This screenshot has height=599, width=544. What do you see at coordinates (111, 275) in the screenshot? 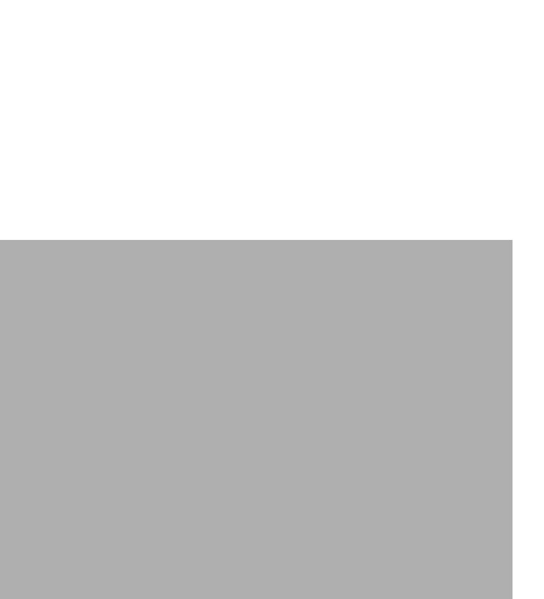
I see `'Contact Support'` at bounding box center [111, 275].